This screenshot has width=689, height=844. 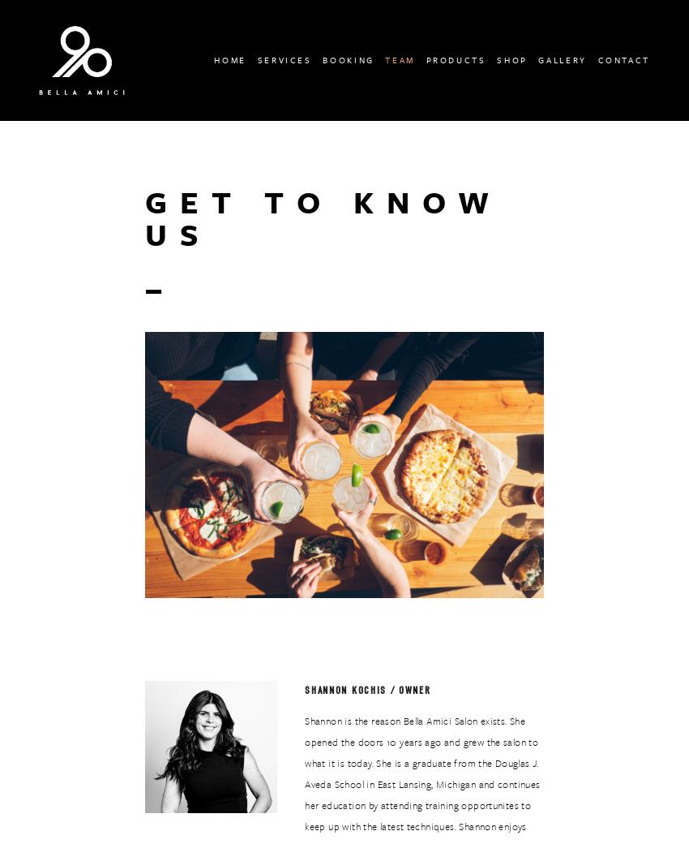 What do you see at coordinates (283, 58) in the screenshot?
I see `'Services'` at bounding box center [283, 58].